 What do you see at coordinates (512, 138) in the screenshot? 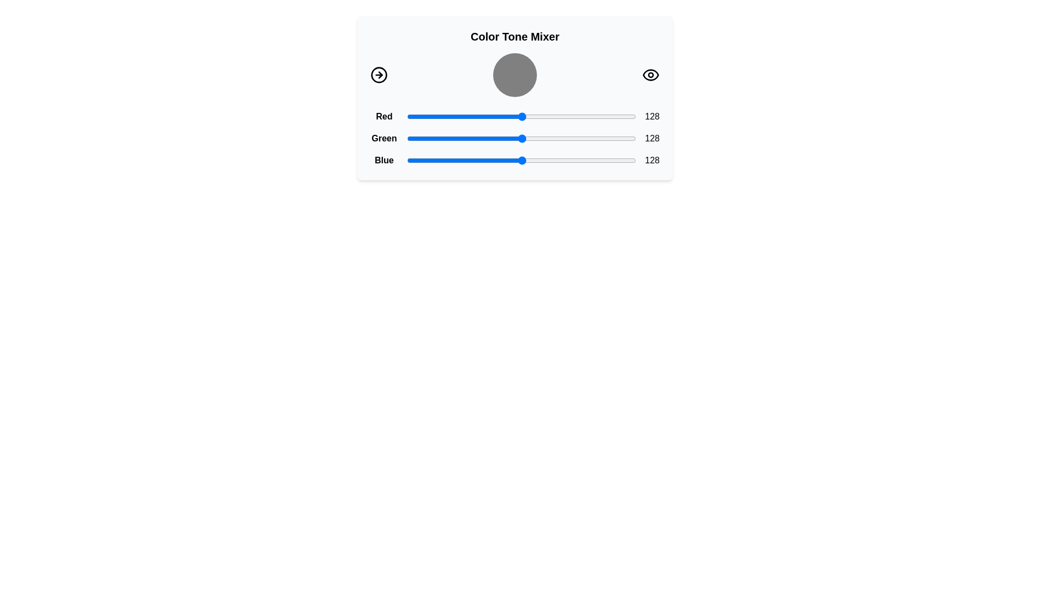
I see `the green color intensity` at bounding box center [512, 138].